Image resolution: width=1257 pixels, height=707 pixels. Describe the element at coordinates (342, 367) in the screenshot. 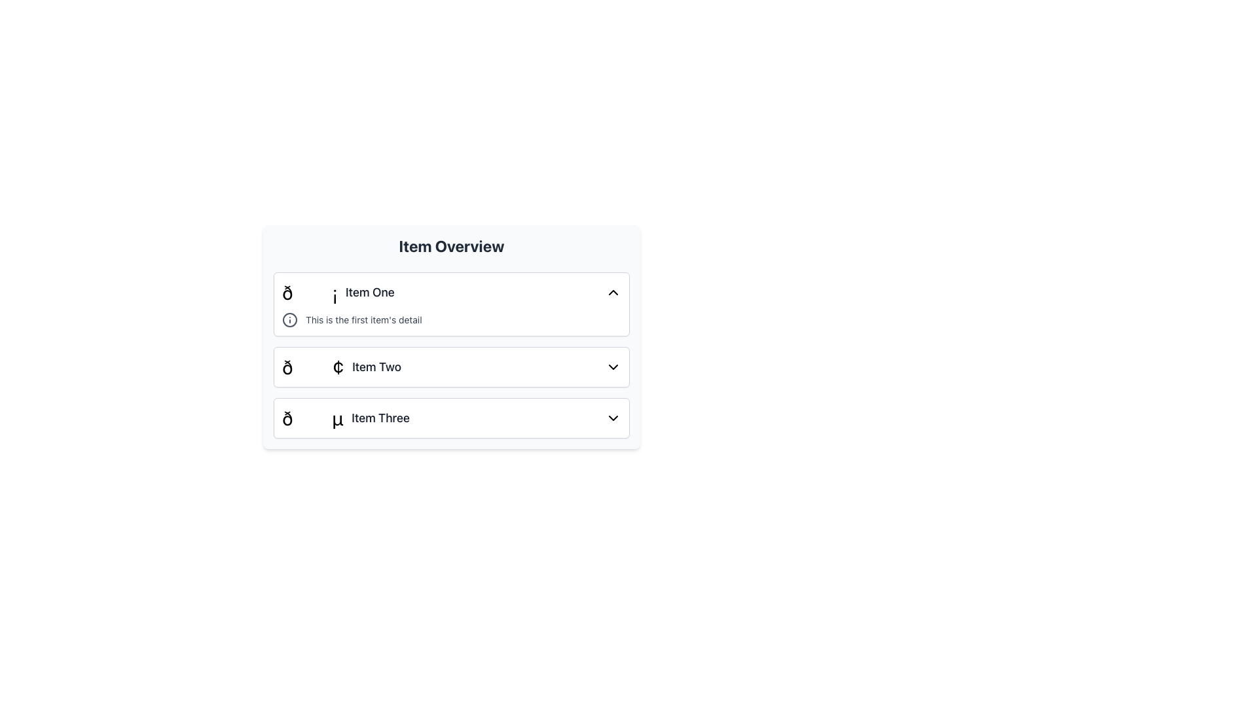

I see `the list item displaying '🟢 Item Two'` at that location.